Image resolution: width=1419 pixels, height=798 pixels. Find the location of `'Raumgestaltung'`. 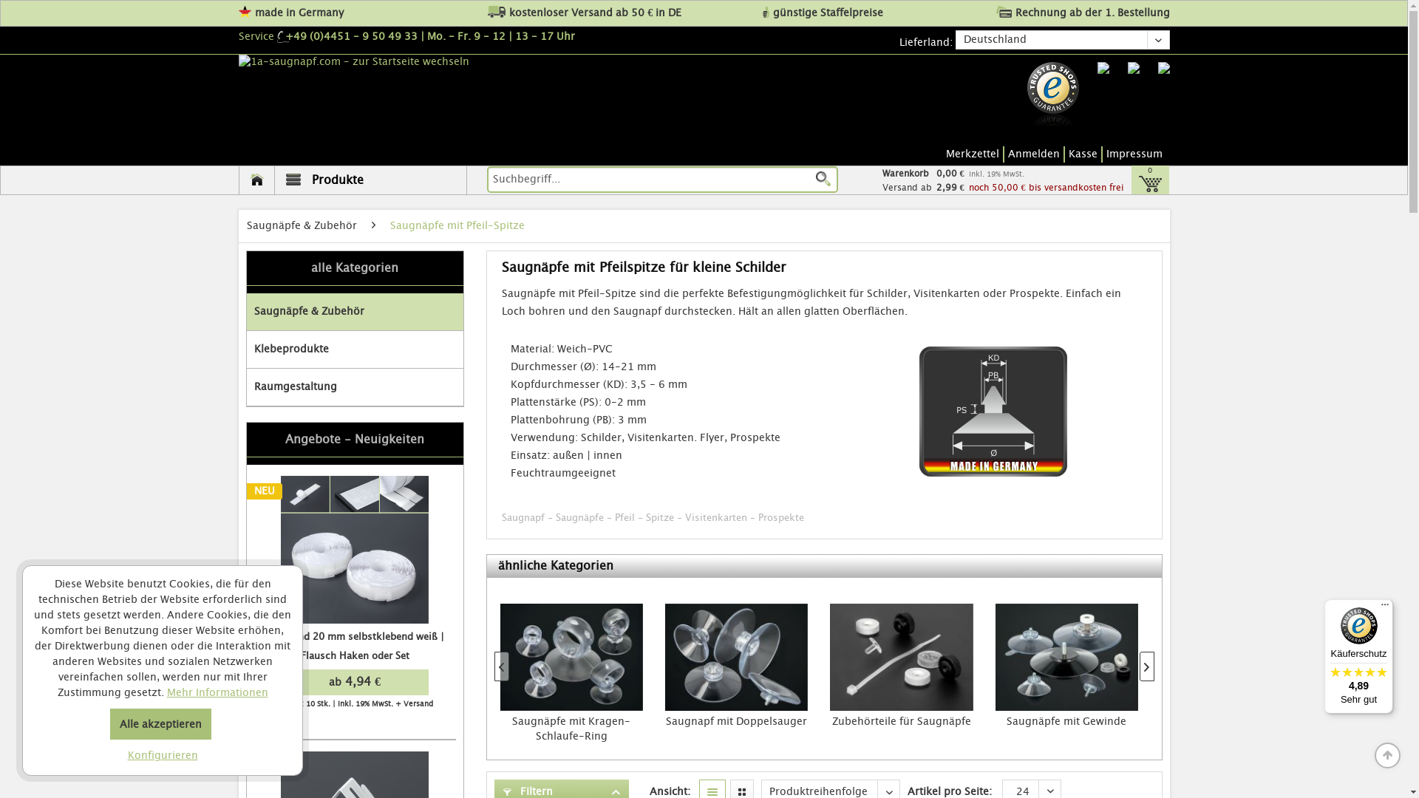

'Raumgestaltung' is located at coordinates (355, 386).